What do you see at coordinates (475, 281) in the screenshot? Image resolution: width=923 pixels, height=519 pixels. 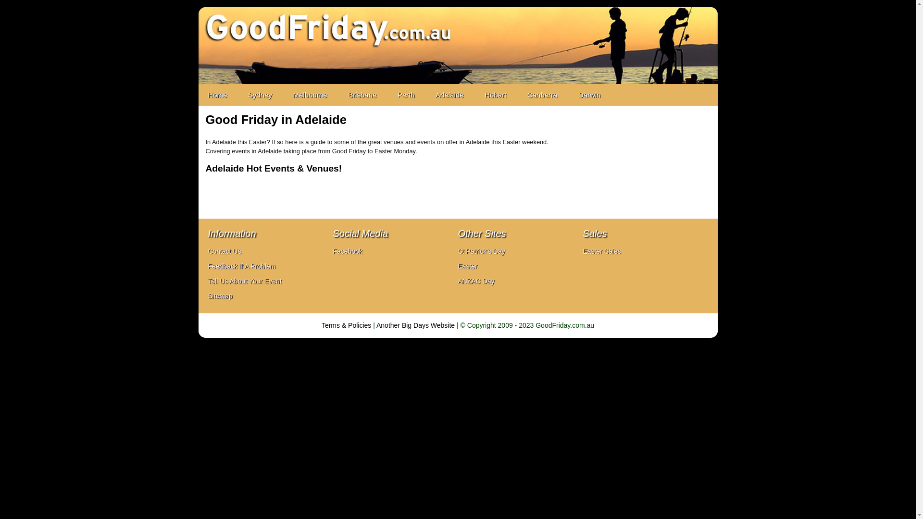 I see `'ANZAC Day'` at bounding box center [475, 281].